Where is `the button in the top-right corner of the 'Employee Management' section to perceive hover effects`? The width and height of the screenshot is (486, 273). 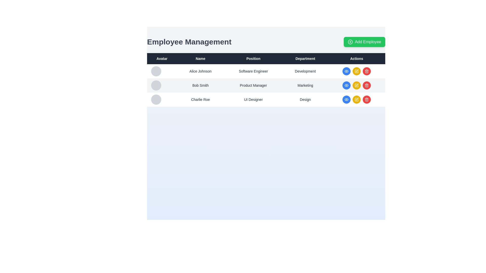 the button in the top-right corner of the 'Employee Management' section to perceive hover effects is located at coordinates (364, 41).